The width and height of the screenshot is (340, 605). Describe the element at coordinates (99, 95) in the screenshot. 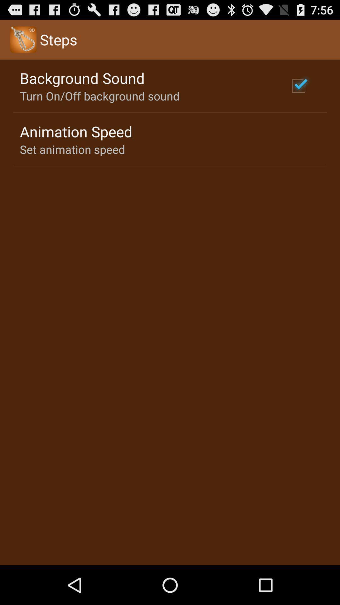

I see `the item above the animation speed icon` at that location.